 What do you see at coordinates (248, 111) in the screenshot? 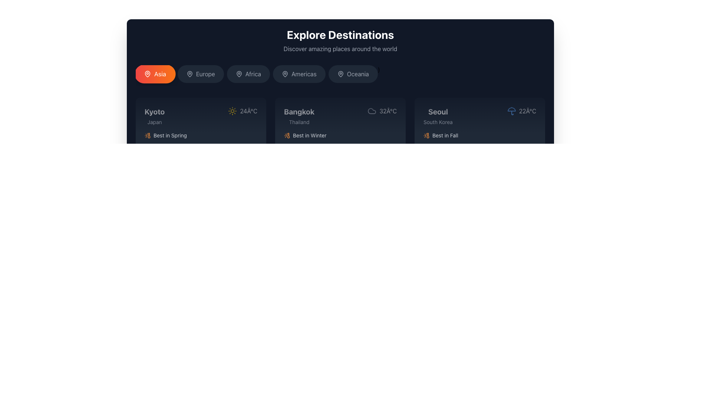
I see `the temperature text label displaying '24°C' in white font, which is located in the first card for the city 'Kyoto', adjacent to the yellow sun icon` at bounding box center [248, 111].